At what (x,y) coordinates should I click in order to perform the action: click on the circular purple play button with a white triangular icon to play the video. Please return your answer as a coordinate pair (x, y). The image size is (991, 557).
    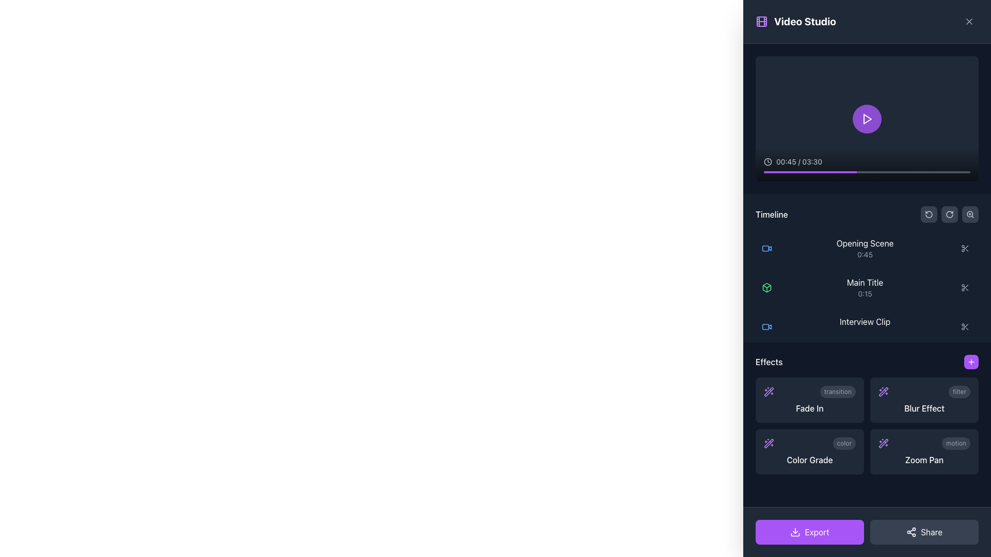
    Looking at the image, I should click on (867, 118).